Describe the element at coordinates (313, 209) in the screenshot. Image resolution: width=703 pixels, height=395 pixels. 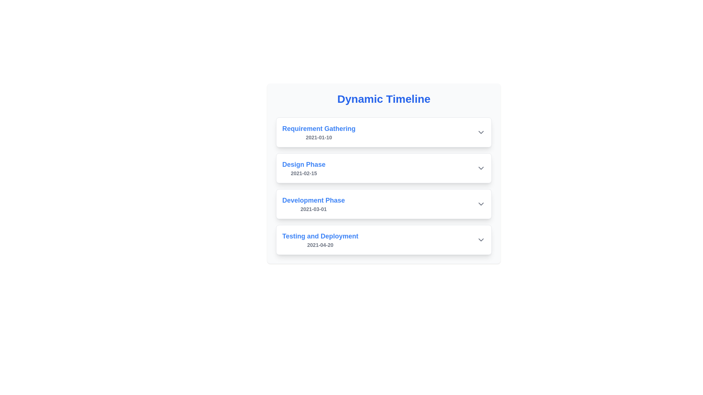
I see `the text label displaying the date '2021-03-01', which is located below the title 'Development Phase' in a gray-colored font` at that location.